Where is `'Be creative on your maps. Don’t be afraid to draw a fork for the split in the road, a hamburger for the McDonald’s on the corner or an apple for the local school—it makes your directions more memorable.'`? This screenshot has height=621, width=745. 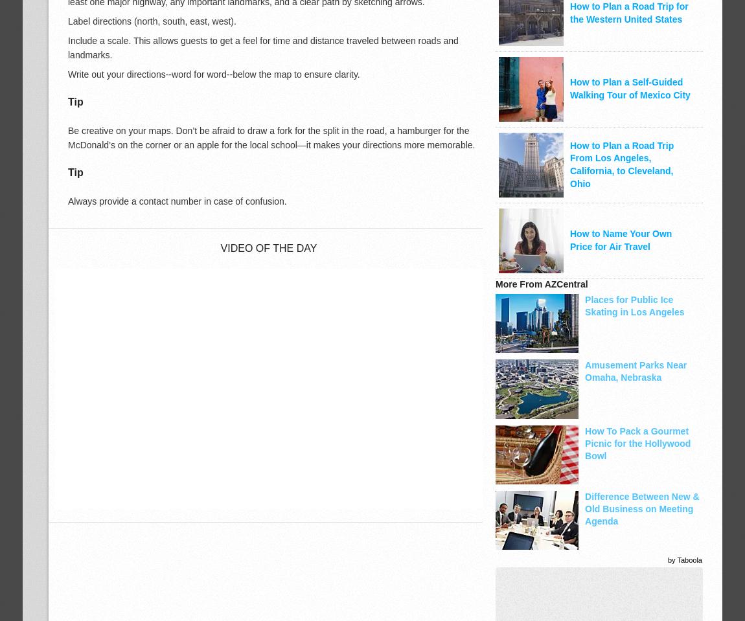
'Be creative on your maps. Don’t be afraid to draw a fork for the split in the road, a hamburger for the McDonald’s on the corner or an apple for the local school—it makes your directions more memorable.' is located at coordinates (67, 137).